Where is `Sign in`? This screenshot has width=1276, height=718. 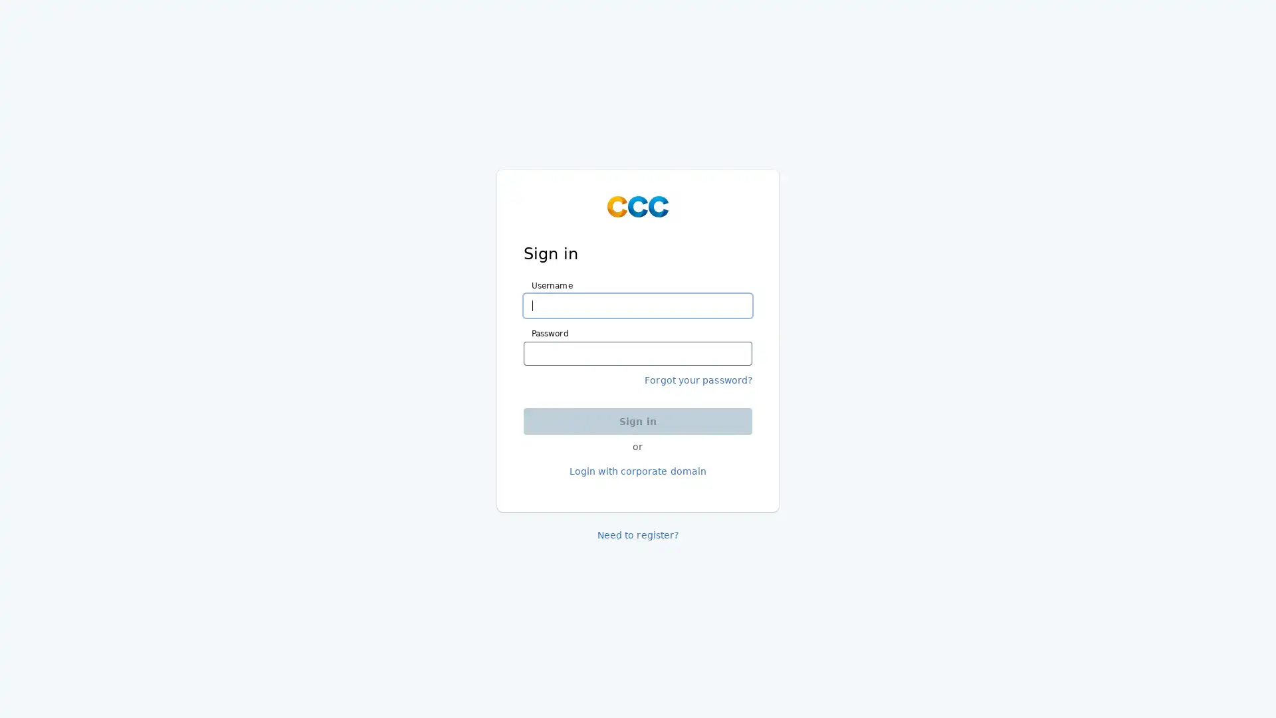
Sign in is located at coordinates (638, 420).